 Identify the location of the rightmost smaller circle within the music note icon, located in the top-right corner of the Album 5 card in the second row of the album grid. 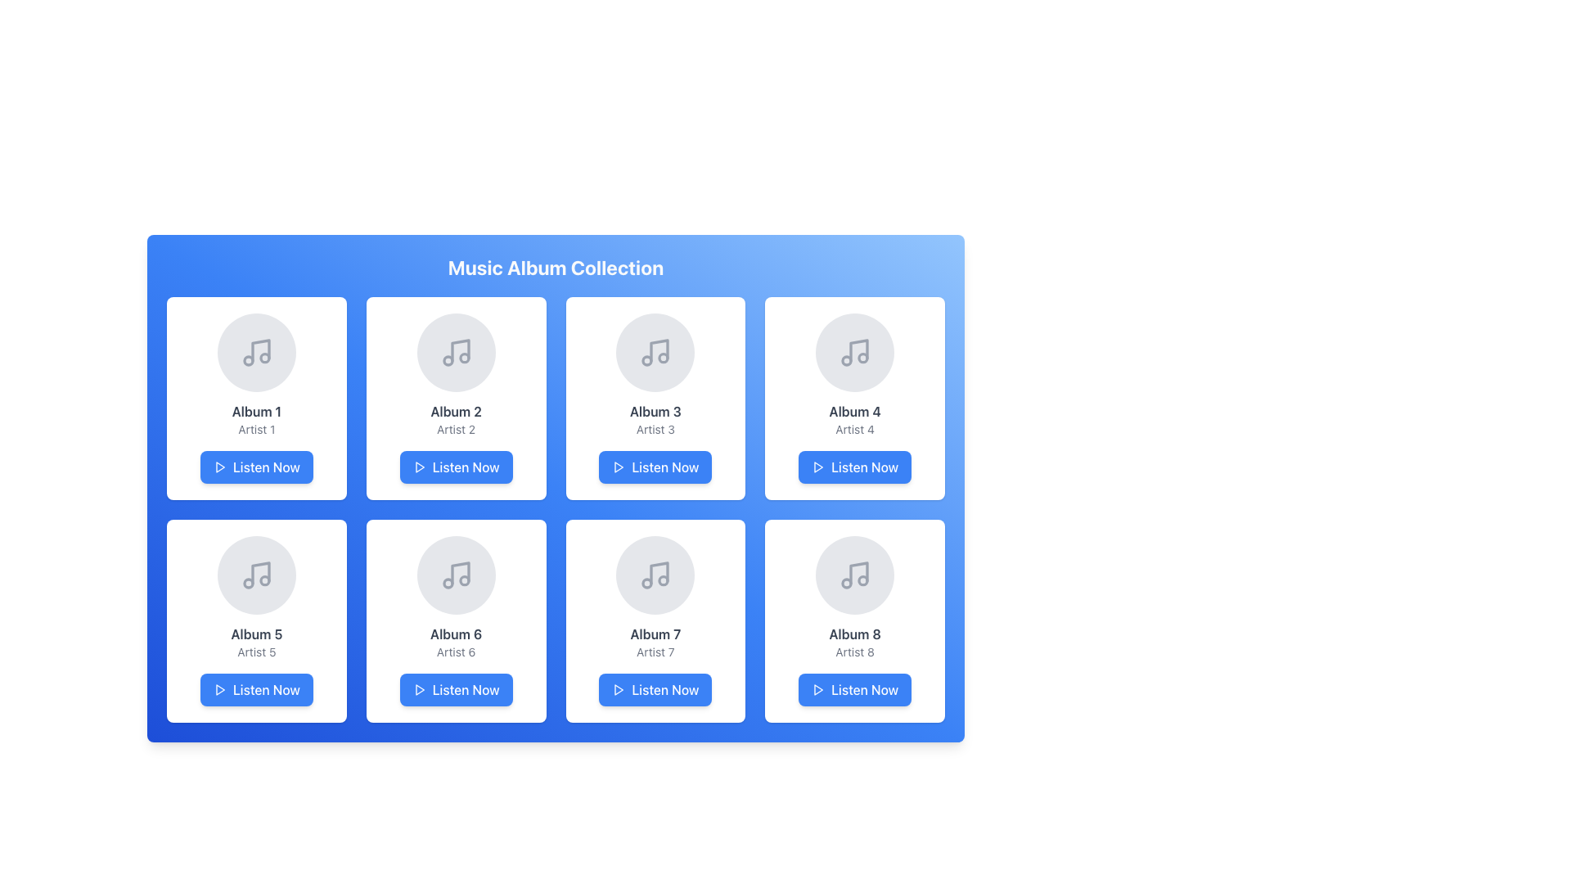
(264, 580).